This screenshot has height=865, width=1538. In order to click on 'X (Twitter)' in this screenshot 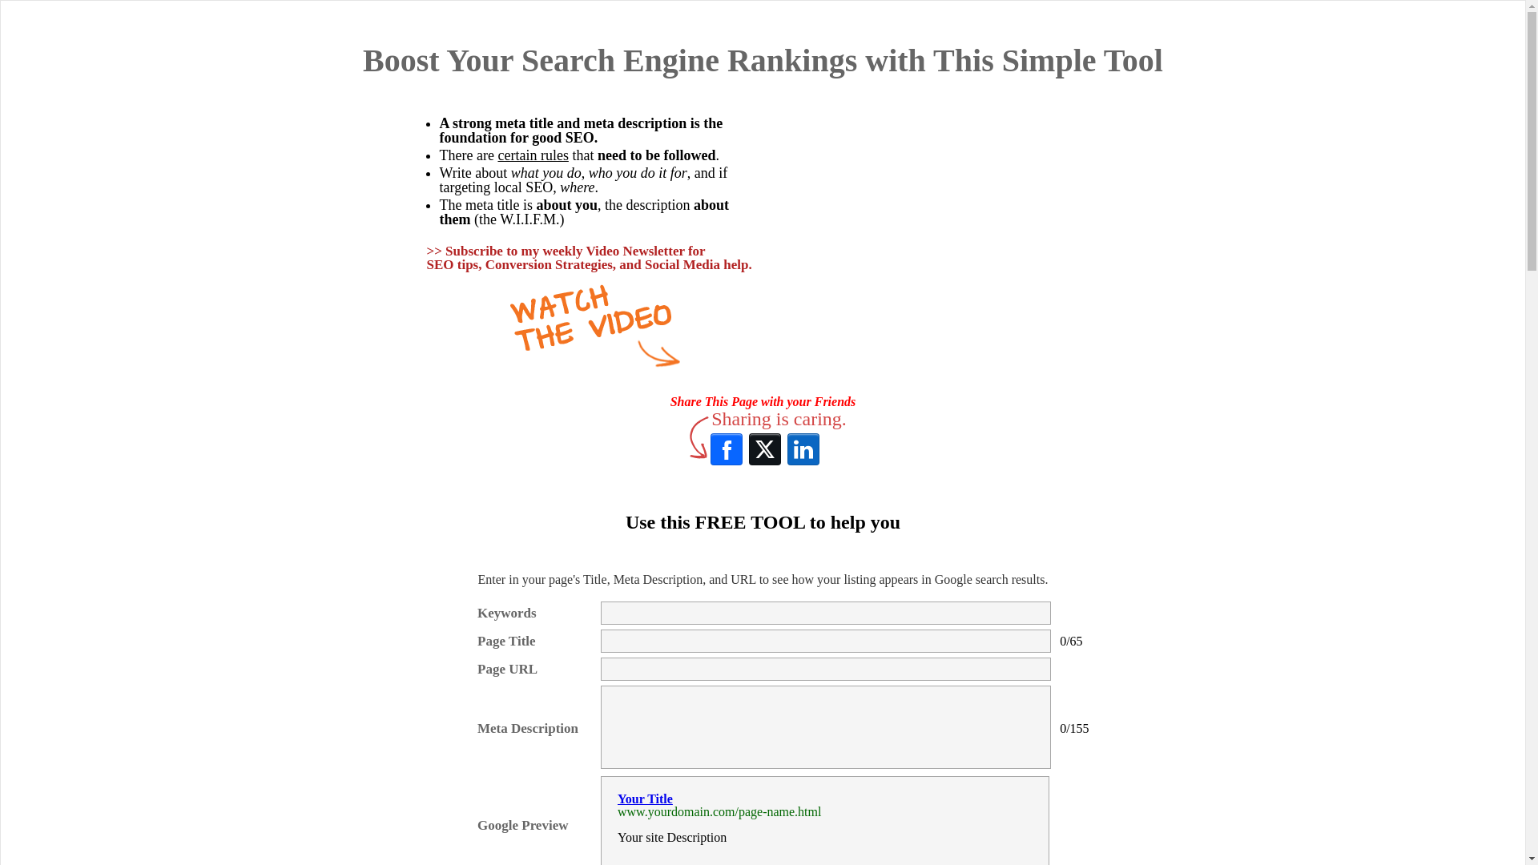, I will do `click(764, 449)`.